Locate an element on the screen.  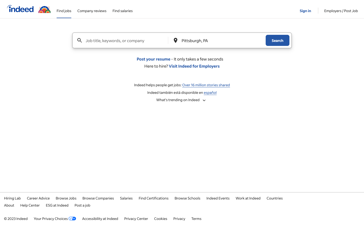
Update the job"s location field to New York is located at coordinates (218, 40).